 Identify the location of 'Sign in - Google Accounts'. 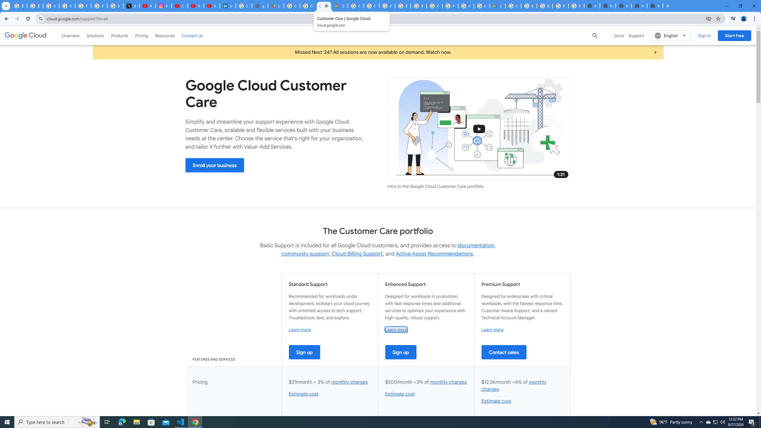
(115, 6).